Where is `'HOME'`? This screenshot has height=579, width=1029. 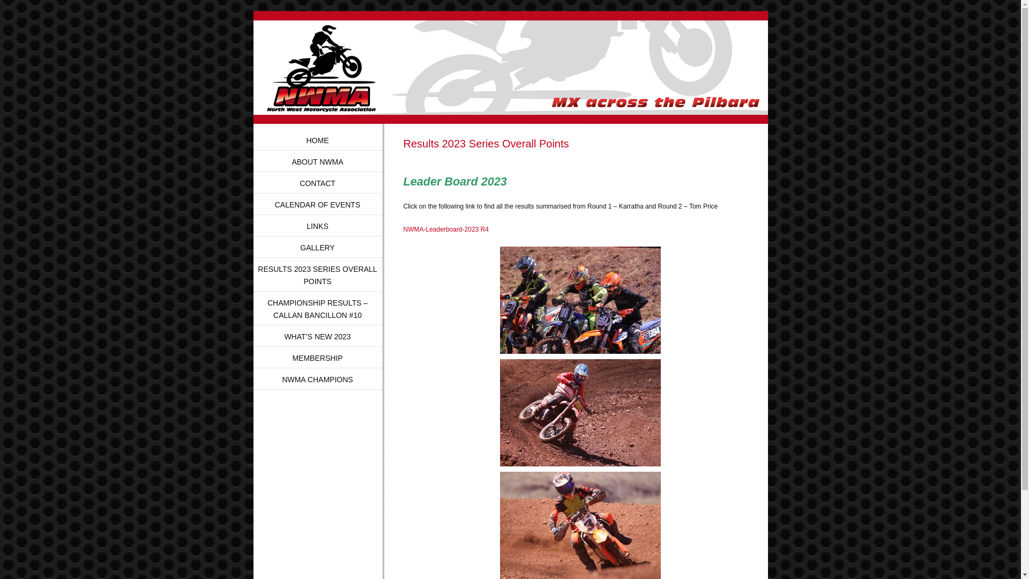 'HOME' is located at coordinates (317, 140).